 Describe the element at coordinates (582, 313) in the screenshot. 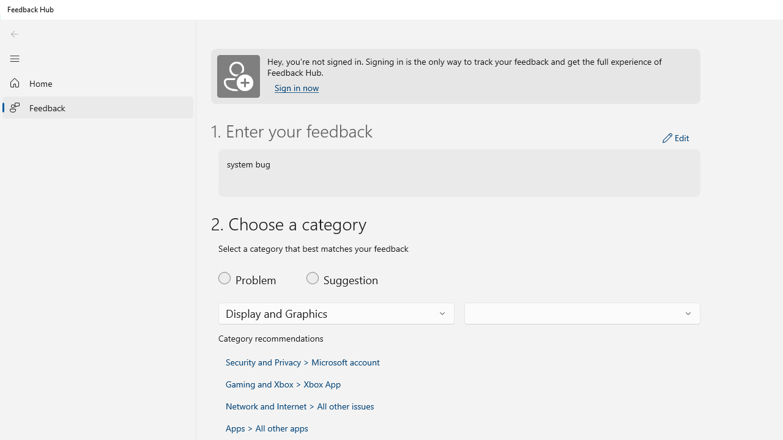

I see `'Feedback subcategory'` at that location.